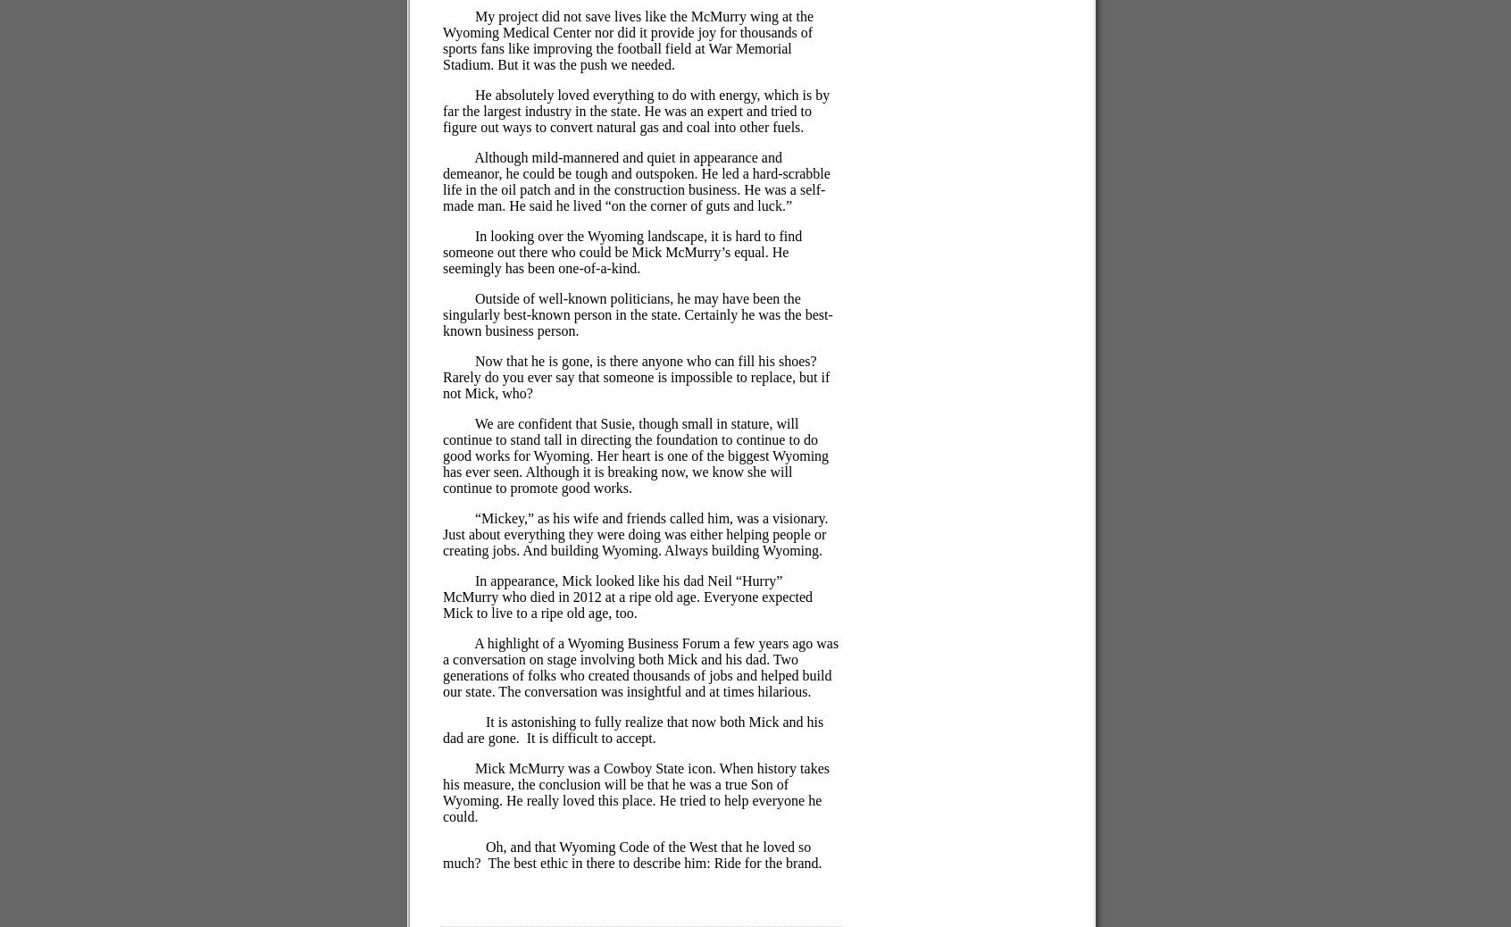  Describe the element at coordinates (628, 595) in the screenshot. I see `'In appearance,
Mick looked like his dad Neil “Hurry” McMurry who died in 2012 at a ripe old
age. Everyone expected Mick to live to a ripe old age, too.'` at that location.